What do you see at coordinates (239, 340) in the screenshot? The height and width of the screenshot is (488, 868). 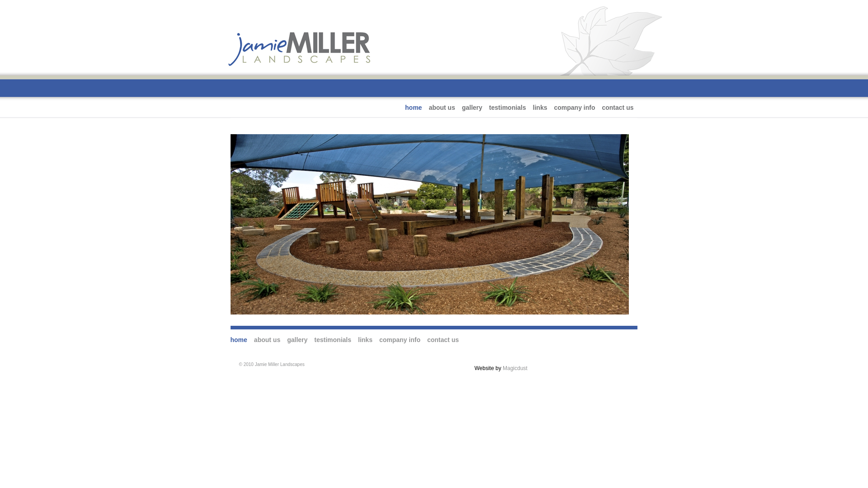 I see `'home'` at bounding box center [239, 340].